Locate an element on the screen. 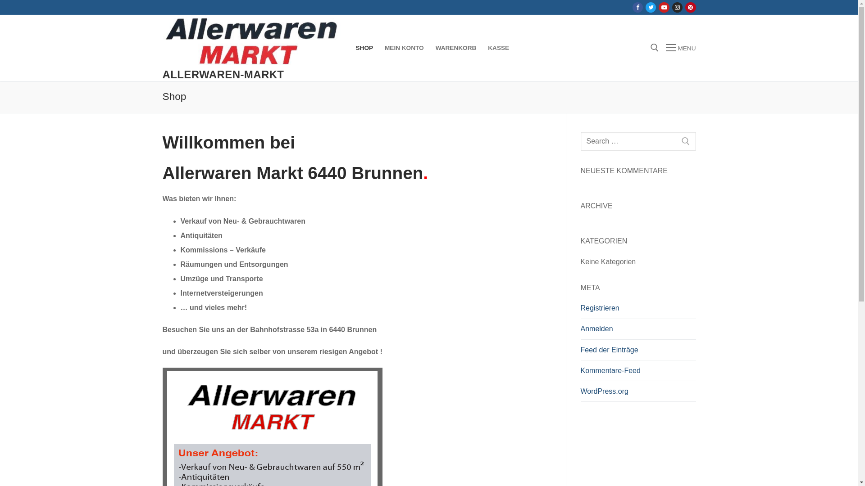 The height and width of the screenshot is (486, 865). 'Youtube' is located at coordinates (664, 7).